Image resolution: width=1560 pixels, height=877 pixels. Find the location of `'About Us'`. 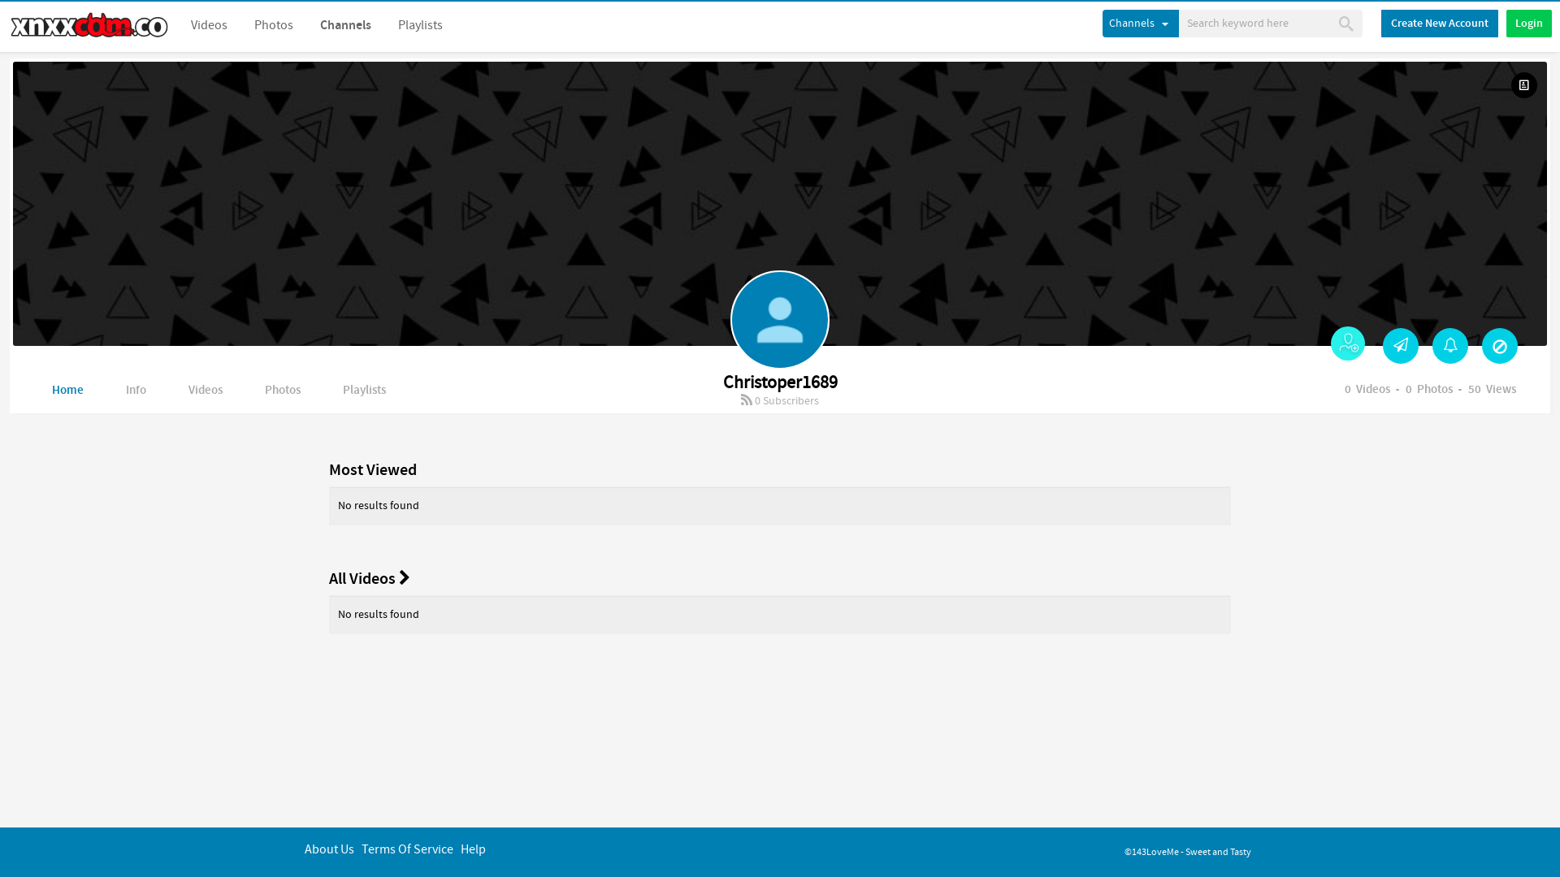

'About Us' is located at coordinates (328, 849).